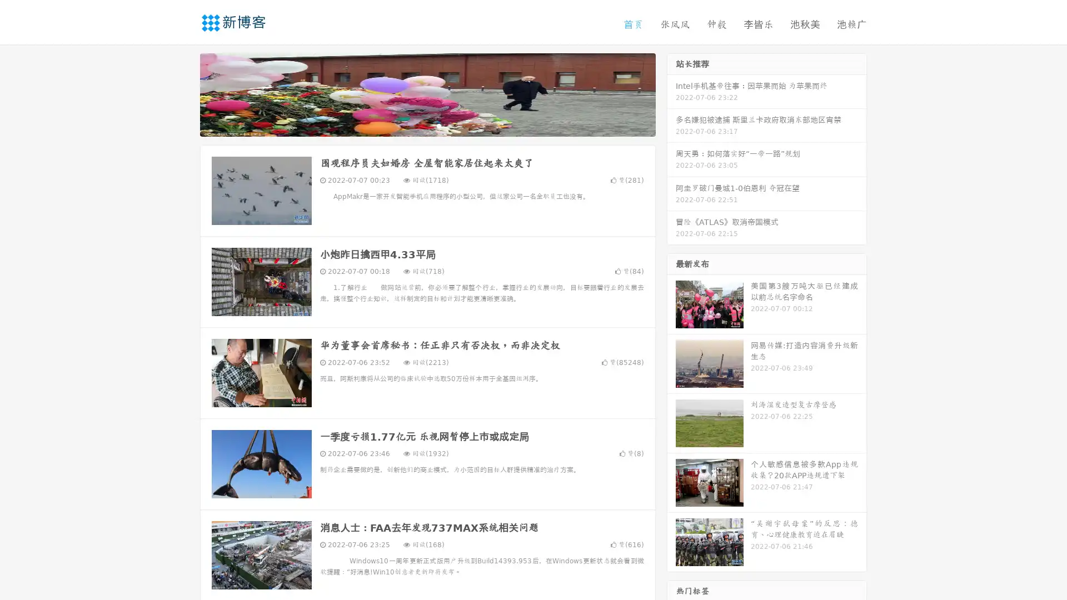  Describe the element at coordinates (183, 93) in the screenshot. I see `Previous slide` at that location.